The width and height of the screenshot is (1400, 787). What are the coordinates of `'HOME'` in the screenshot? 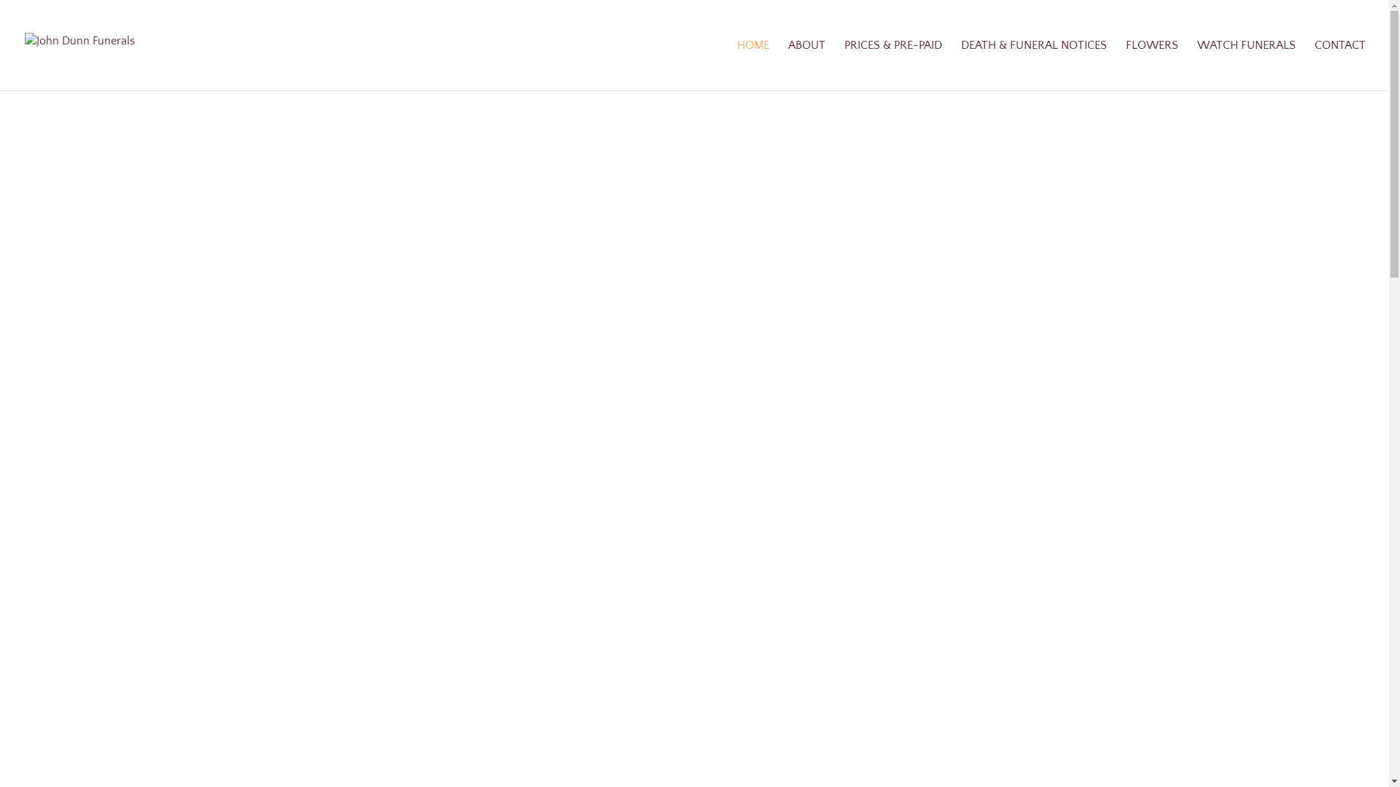 It's located at (752, 64).